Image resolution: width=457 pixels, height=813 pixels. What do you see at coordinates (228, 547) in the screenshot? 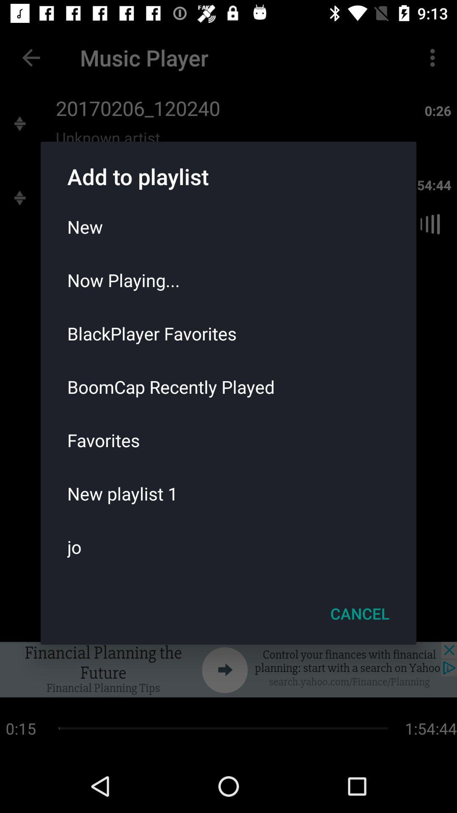
I see `the jo item` at bounding box center [228, 547].